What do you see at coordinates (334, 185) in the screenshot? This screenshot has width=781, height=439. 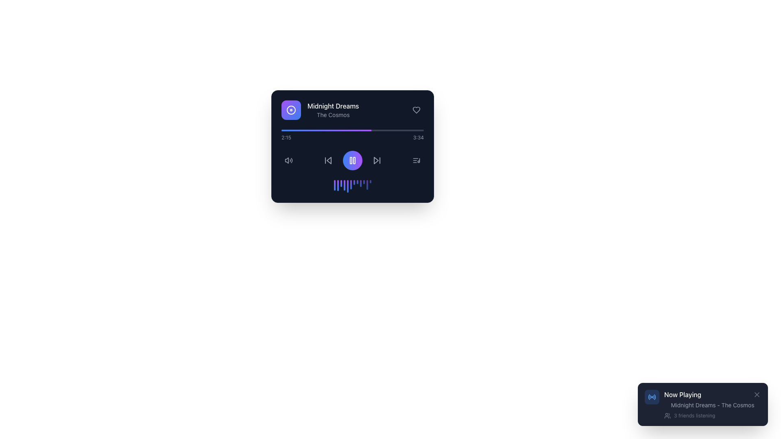 I see `the first vertical bar of the visual equalizer display in the music player widget` at bounding box center [334, 185].